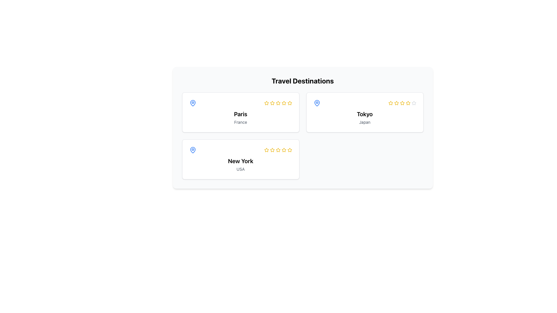  I want to click on the fifth star in the rating line for the 'New York' destination card under the 'Travel Destinations' header, so click(284, 150).